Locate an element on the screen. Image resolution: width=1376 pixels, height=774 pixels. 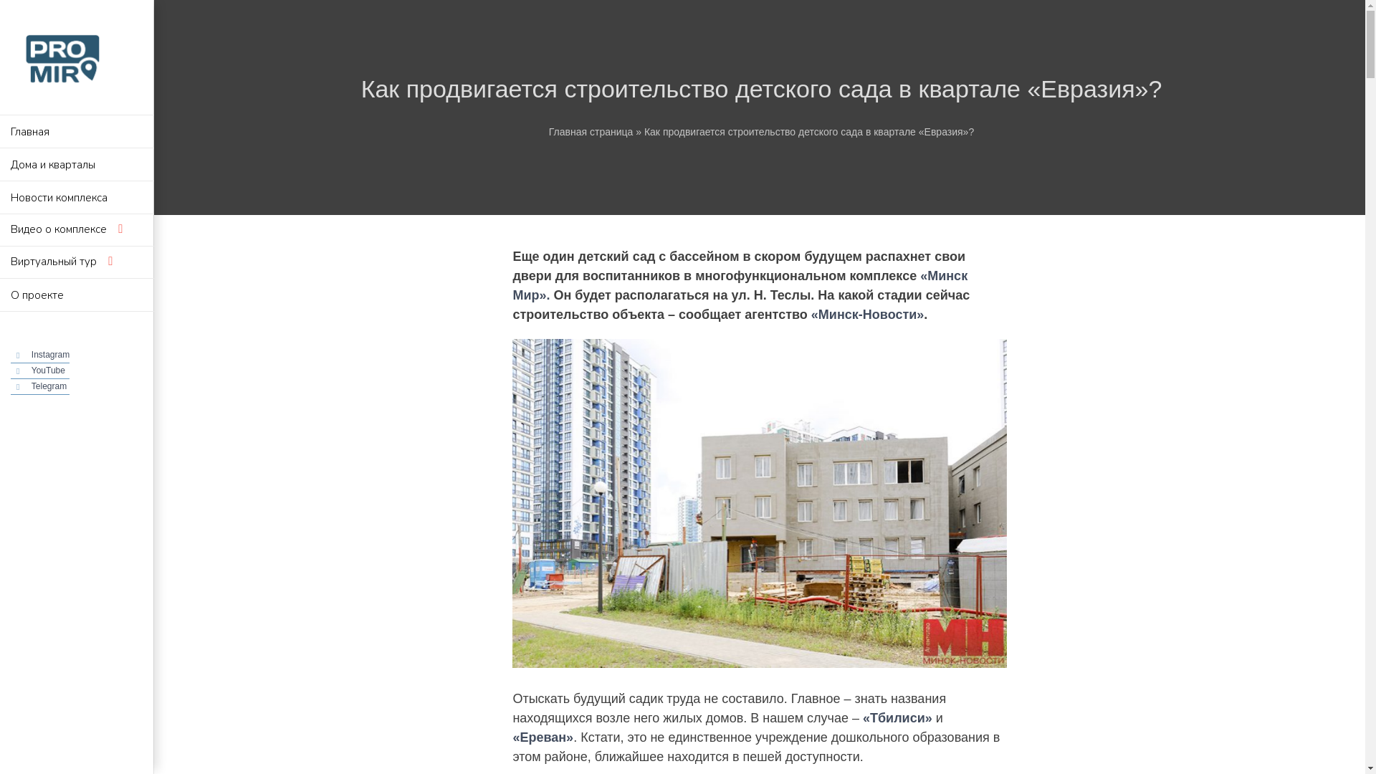
'YouTube' is located at coordinates (48, 369).